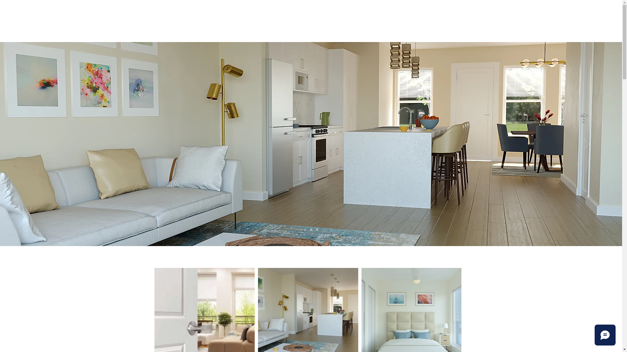 The height and width of the screenshot is (352, 627). Describe the element at coordinates (284, 34) in the screenshot. I see `'NEIGHBORHOOD'` at that location.